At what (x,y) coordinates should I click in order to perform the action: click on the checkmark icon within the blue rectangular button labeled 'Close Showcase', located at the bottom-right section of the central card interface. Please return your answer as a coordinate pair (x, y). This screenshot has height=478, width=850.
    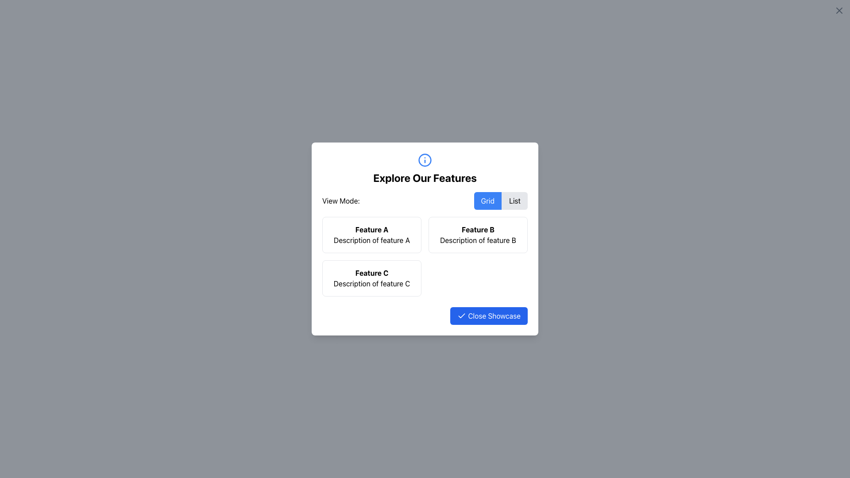
    Looking at the image, I should click on (461, 315).